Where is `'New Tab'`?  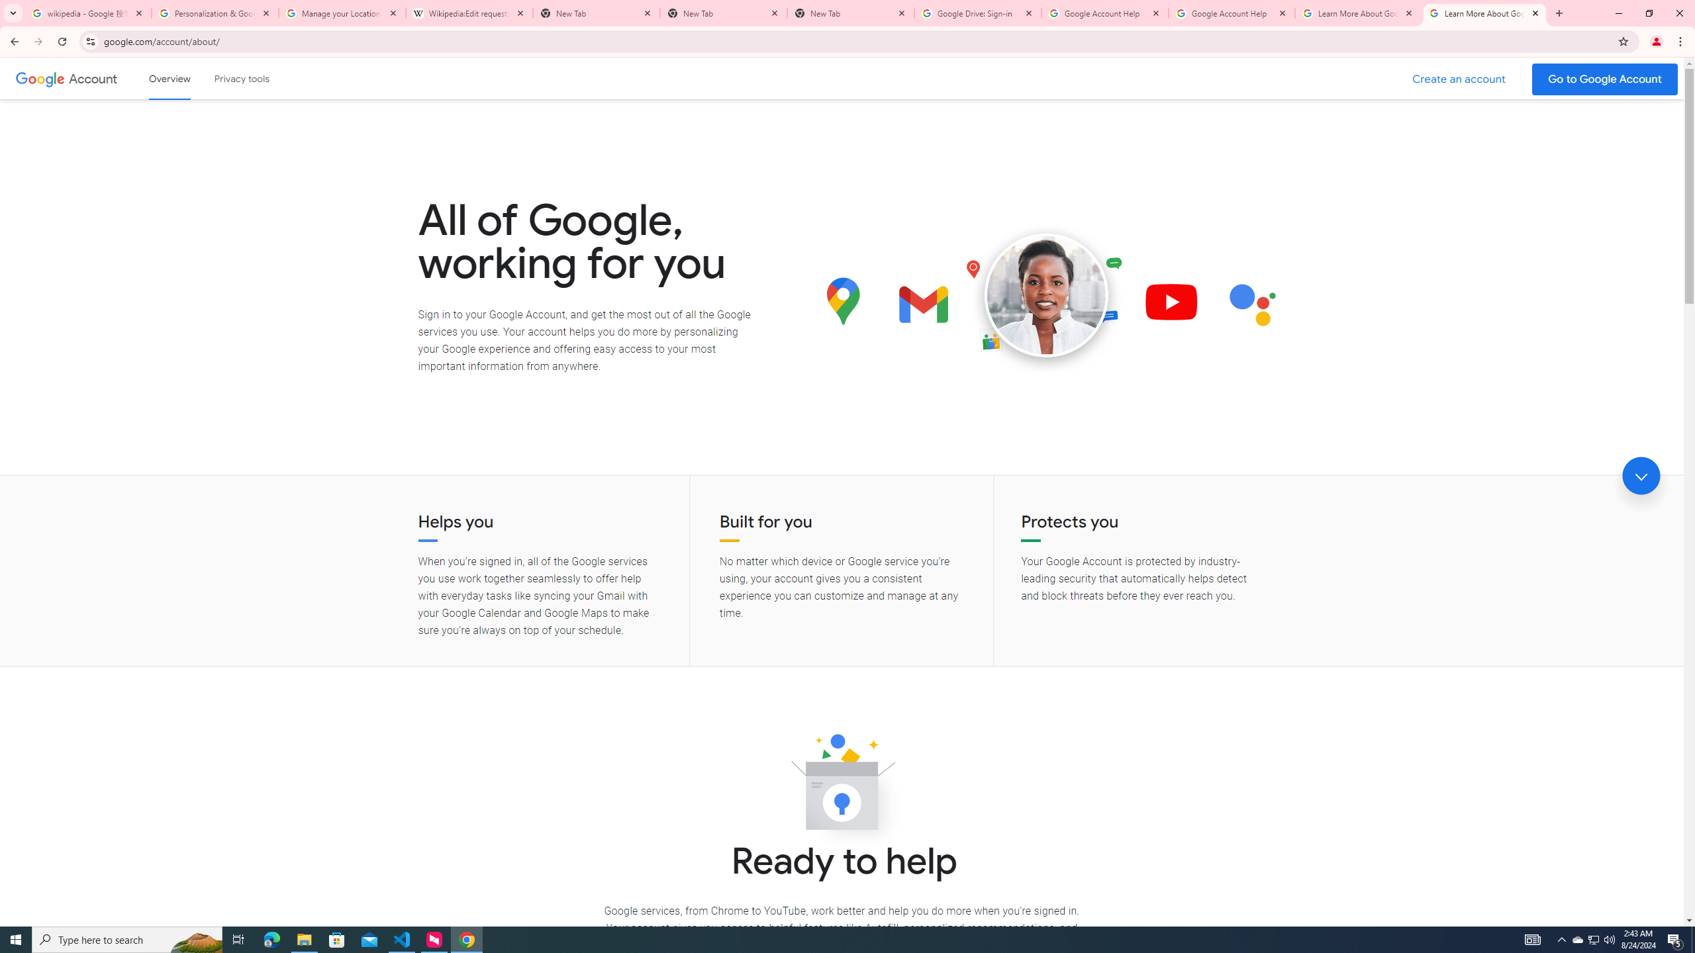
'New Tab' is located at coordinates (723, 13).